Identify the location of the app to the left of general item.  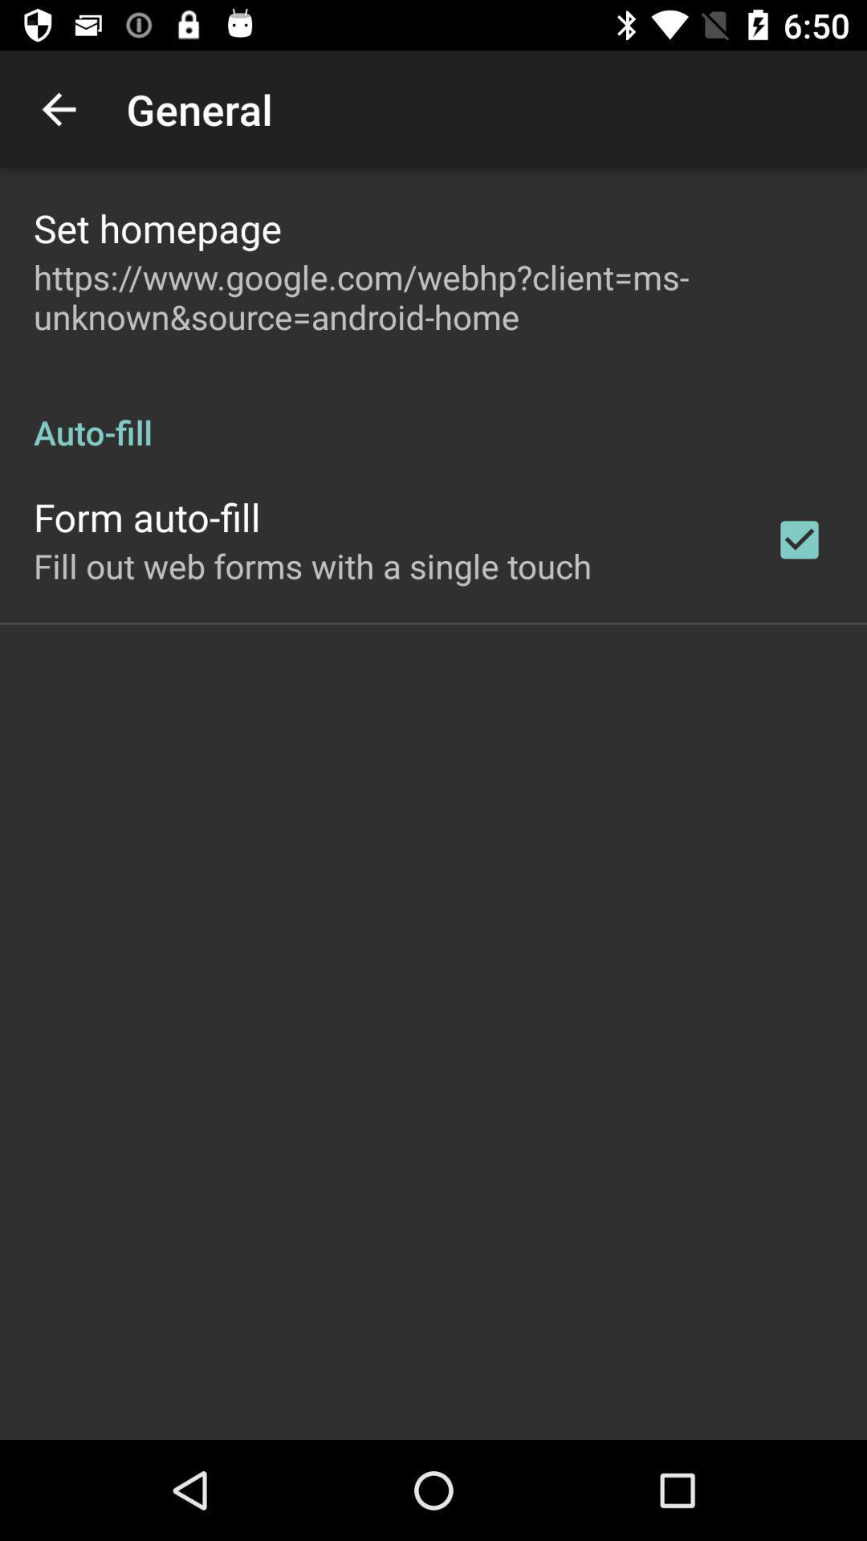
(58, 108).